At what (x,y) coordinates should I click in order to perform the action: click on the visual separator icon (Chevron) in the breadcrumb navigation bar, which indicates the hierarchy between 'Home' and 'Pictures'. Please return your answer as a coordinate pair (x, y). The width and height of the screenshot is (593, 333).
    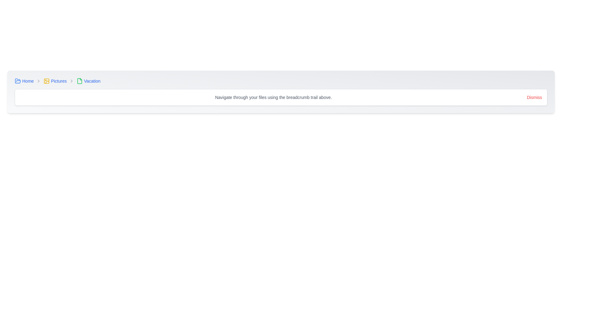
    Looking at the image, I should click on (38, 80).